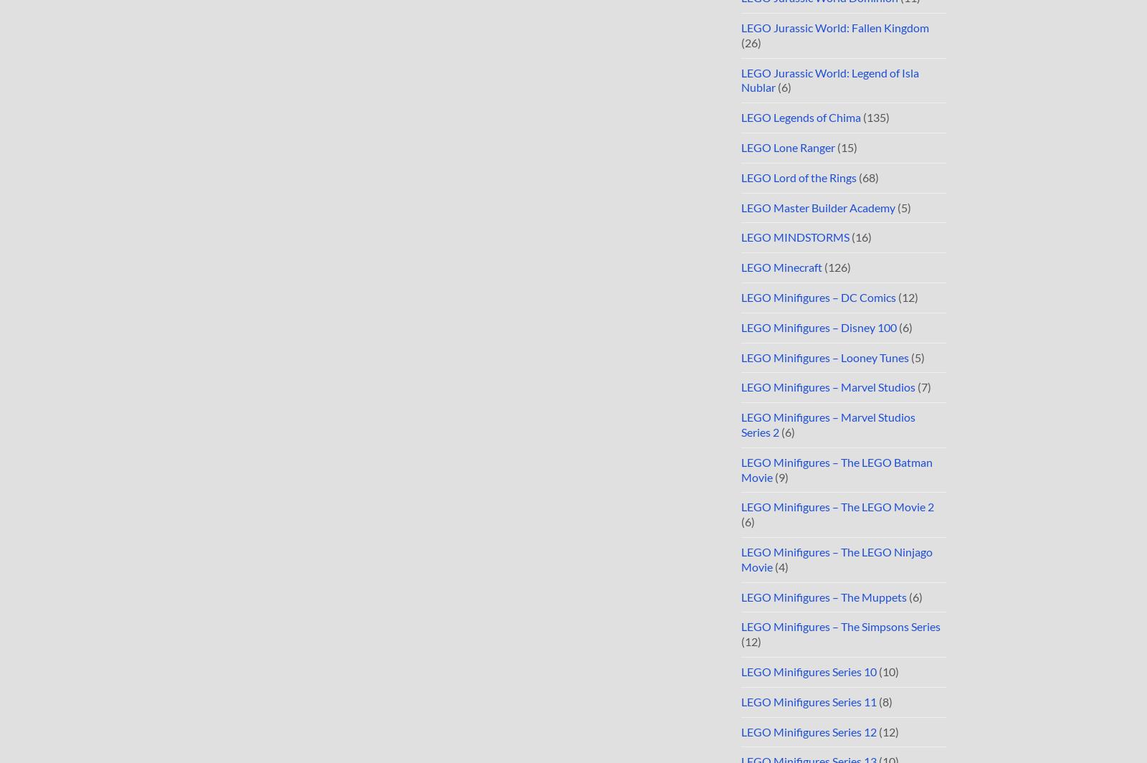 Image resolution: width=1147 pixels, height=763 pixels. I want to click on 'LEGO Legends of Chima', so click(801, 117).